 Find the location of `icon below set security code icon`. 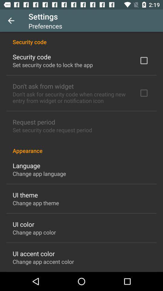

icon below set security code icon is located at coordinates (81, 147).